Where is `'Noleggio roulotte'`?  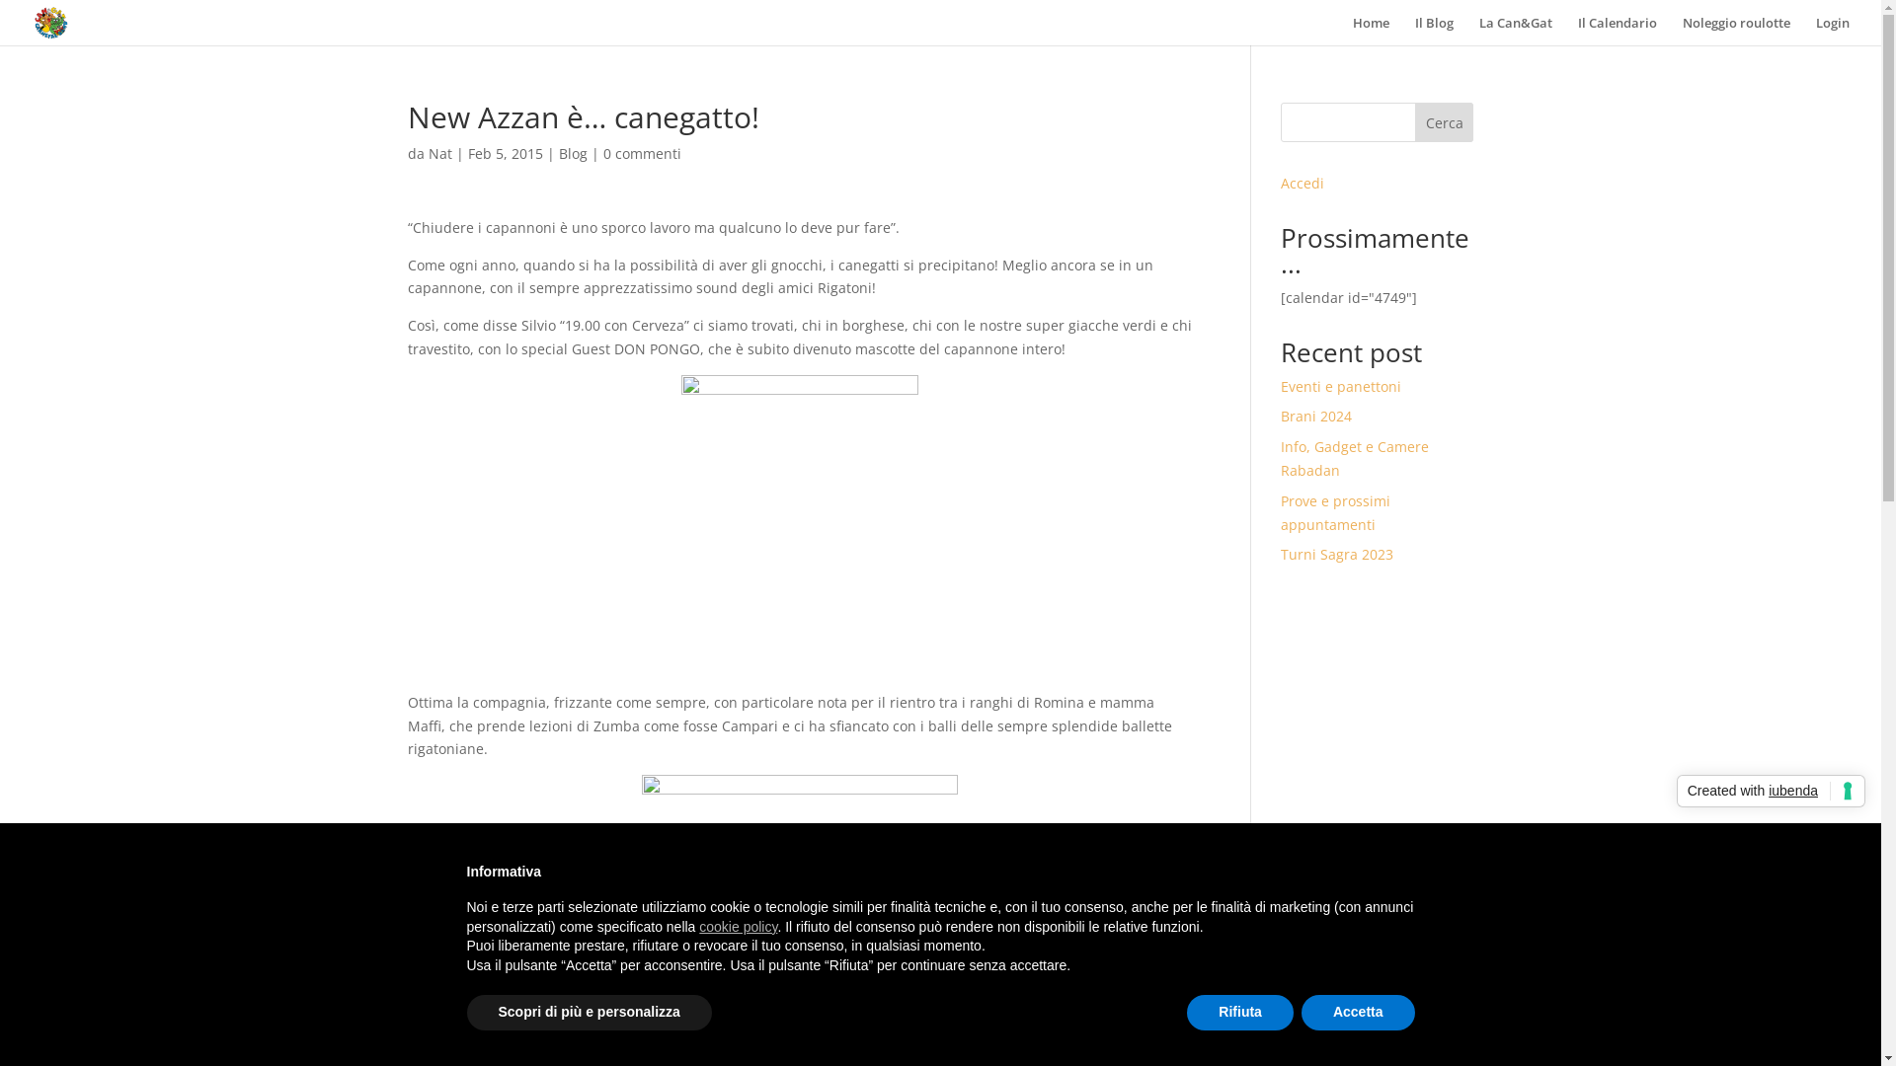
'Noleggio roulotte' is located at coordinates (1735, 30).